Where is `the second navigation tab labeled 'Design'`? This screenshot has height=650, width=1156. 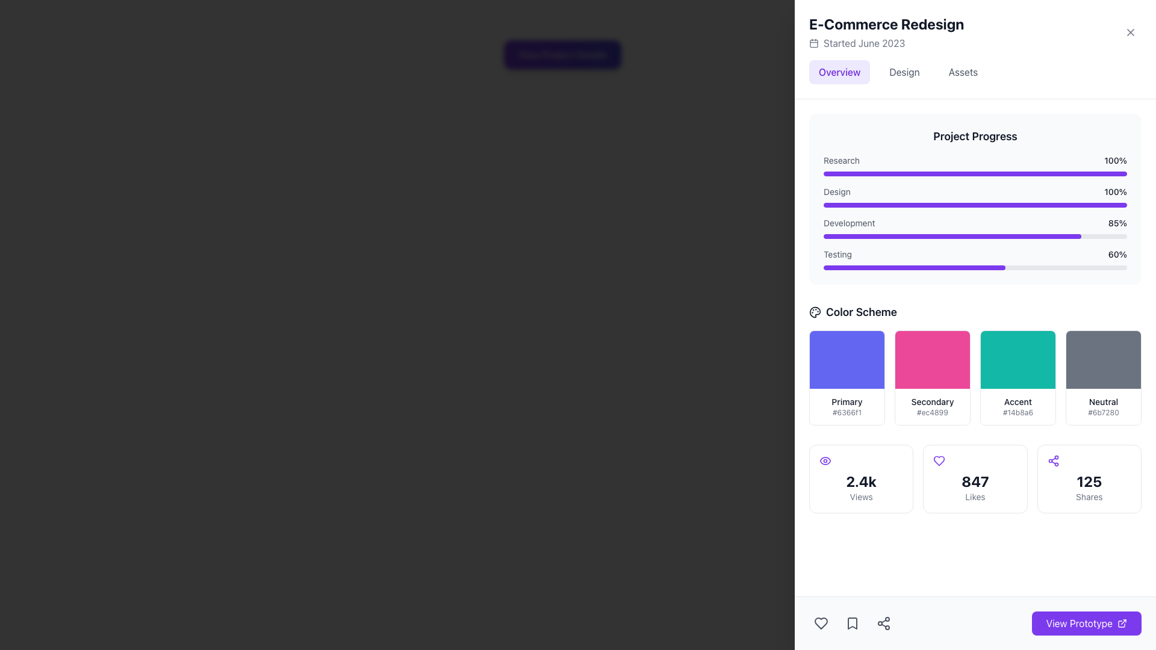
the second navigation tab labeled 'Design' is located at coordinates (904, 72).